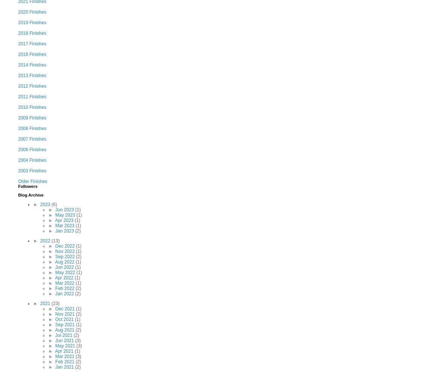 Image resolution: width=437 pixels, height=372 pixels. I want to click on 'Jan 2022', so click(65, 293).